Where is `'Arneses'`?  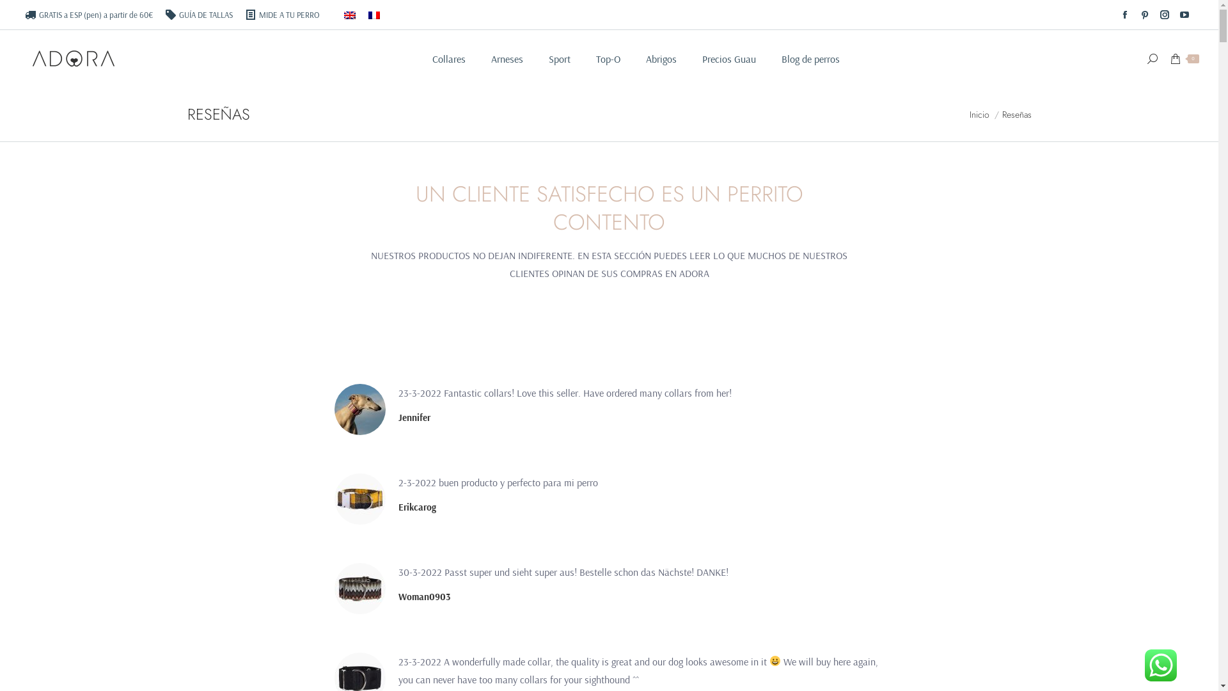 'Arneses' is located at coordinates (506, 59).